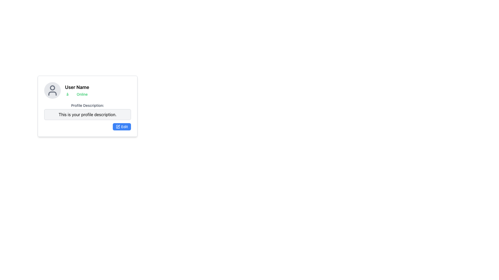  I want to click on the 'Edit' button icon located at the lower right corner of the profile description card, which triggers the edit functionality, so click(118, 127).